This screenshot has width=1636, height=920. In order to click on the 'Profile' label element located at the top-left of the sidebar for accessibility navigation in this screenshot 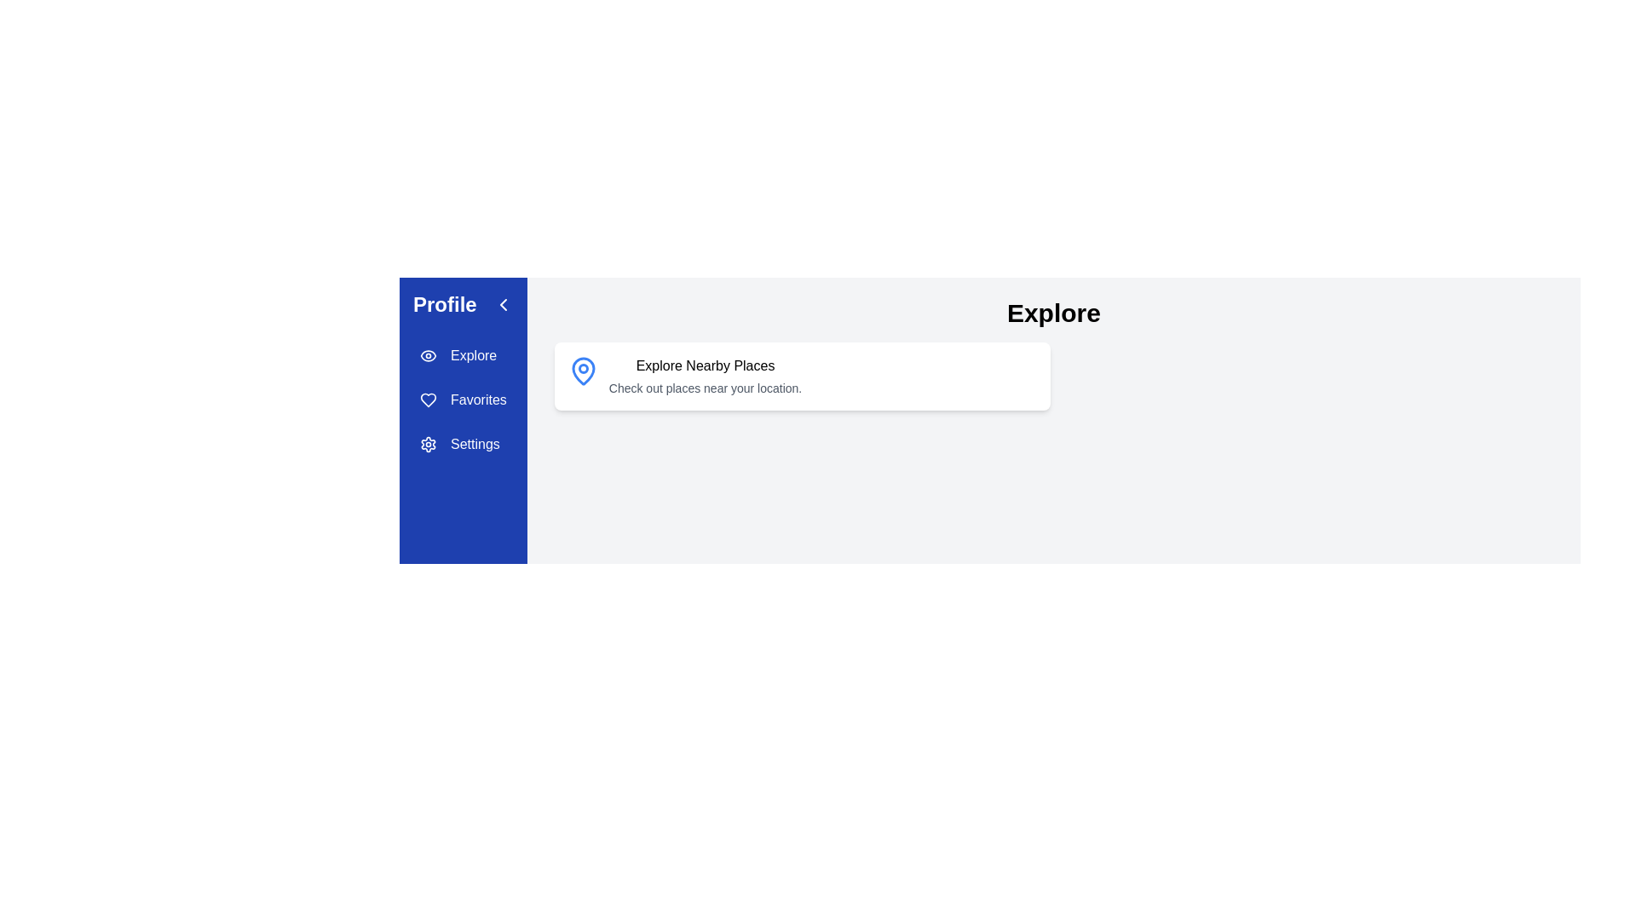, I will do `click(463, 304)`.